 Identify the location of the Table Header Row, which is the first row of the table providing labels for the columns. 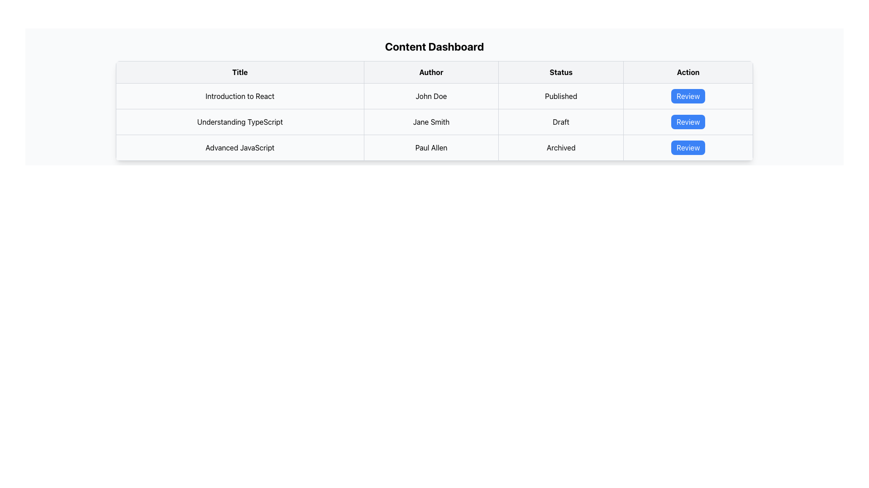
(434, 71).